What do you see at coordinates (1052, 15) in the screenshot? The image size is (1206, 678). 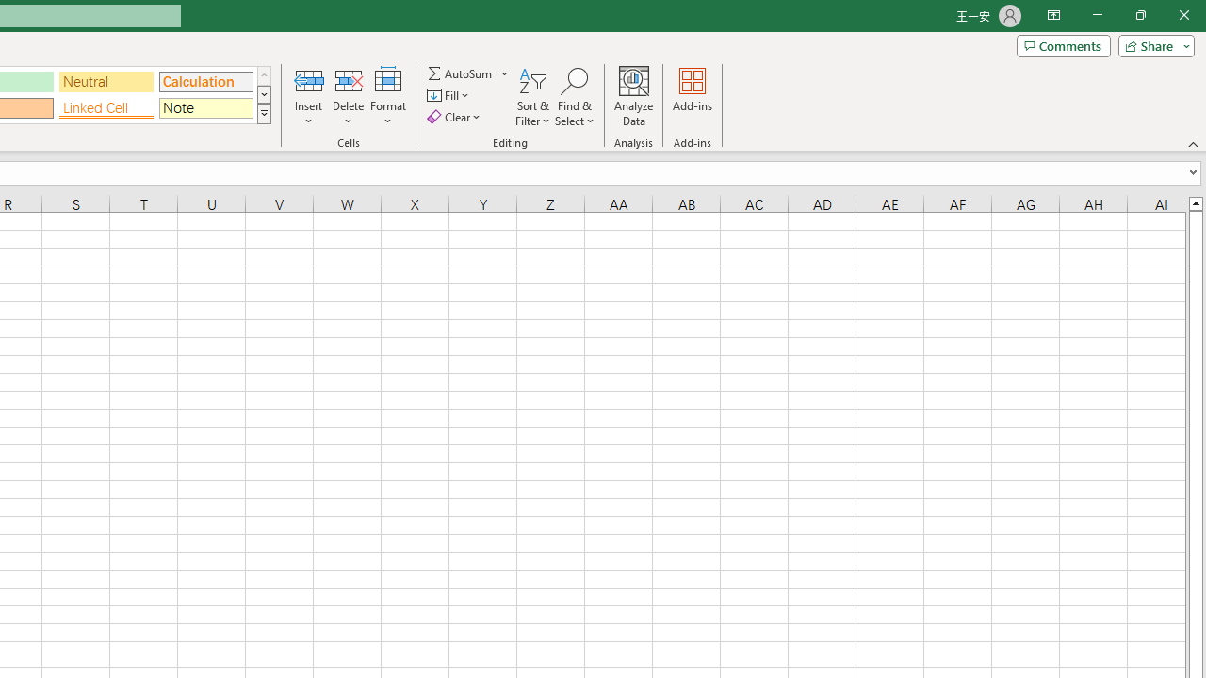 I see `'Ribbon Display Options'` at bounding box center [1052, 15].